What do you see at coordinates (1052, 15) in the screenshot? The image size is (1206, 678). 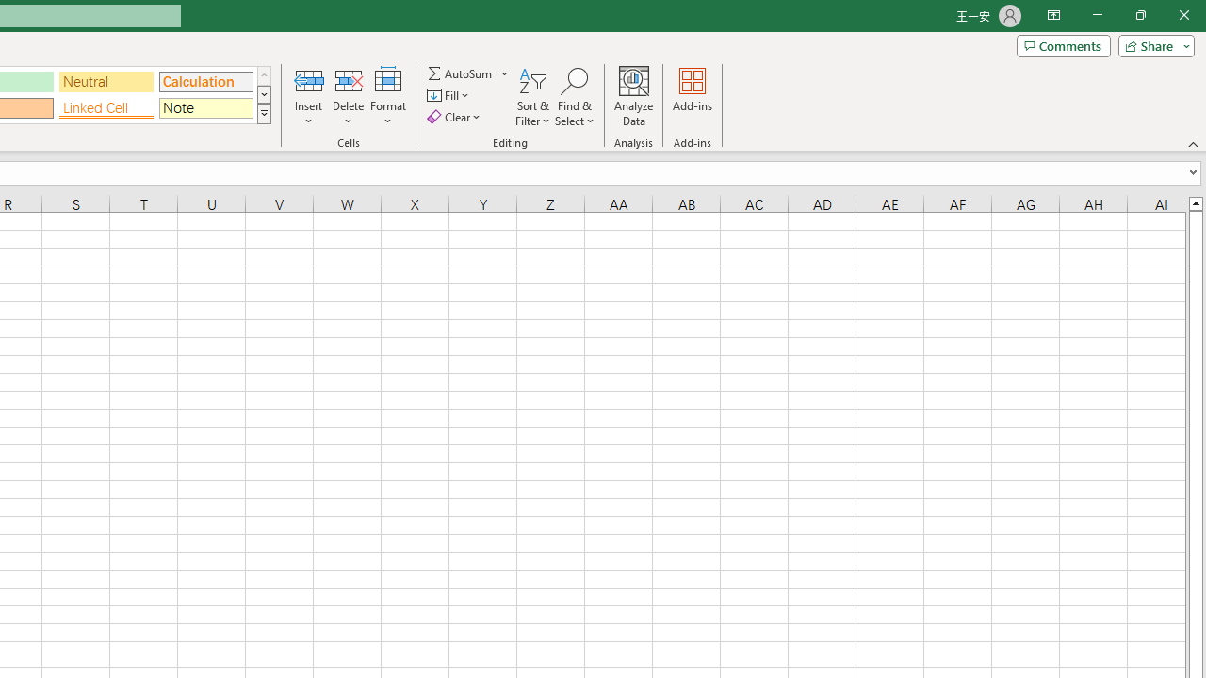 I see `'Ribbon Display Options'` at bounding box center [1052, 15].